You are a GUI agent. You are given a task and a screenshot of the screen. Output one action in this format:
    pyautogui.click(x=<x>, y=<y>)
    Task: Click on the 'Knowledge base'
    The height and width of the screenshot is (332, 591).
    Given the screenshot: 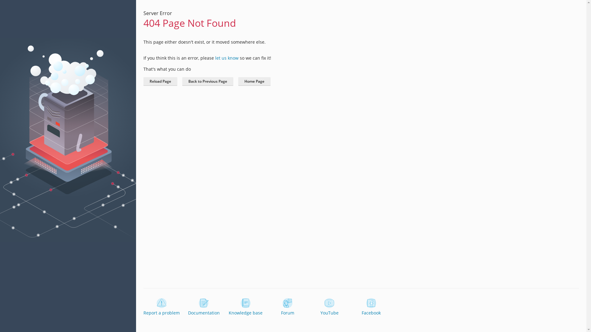 What is the action you would take?
    pyautogui.click(x=245, y=307)
    